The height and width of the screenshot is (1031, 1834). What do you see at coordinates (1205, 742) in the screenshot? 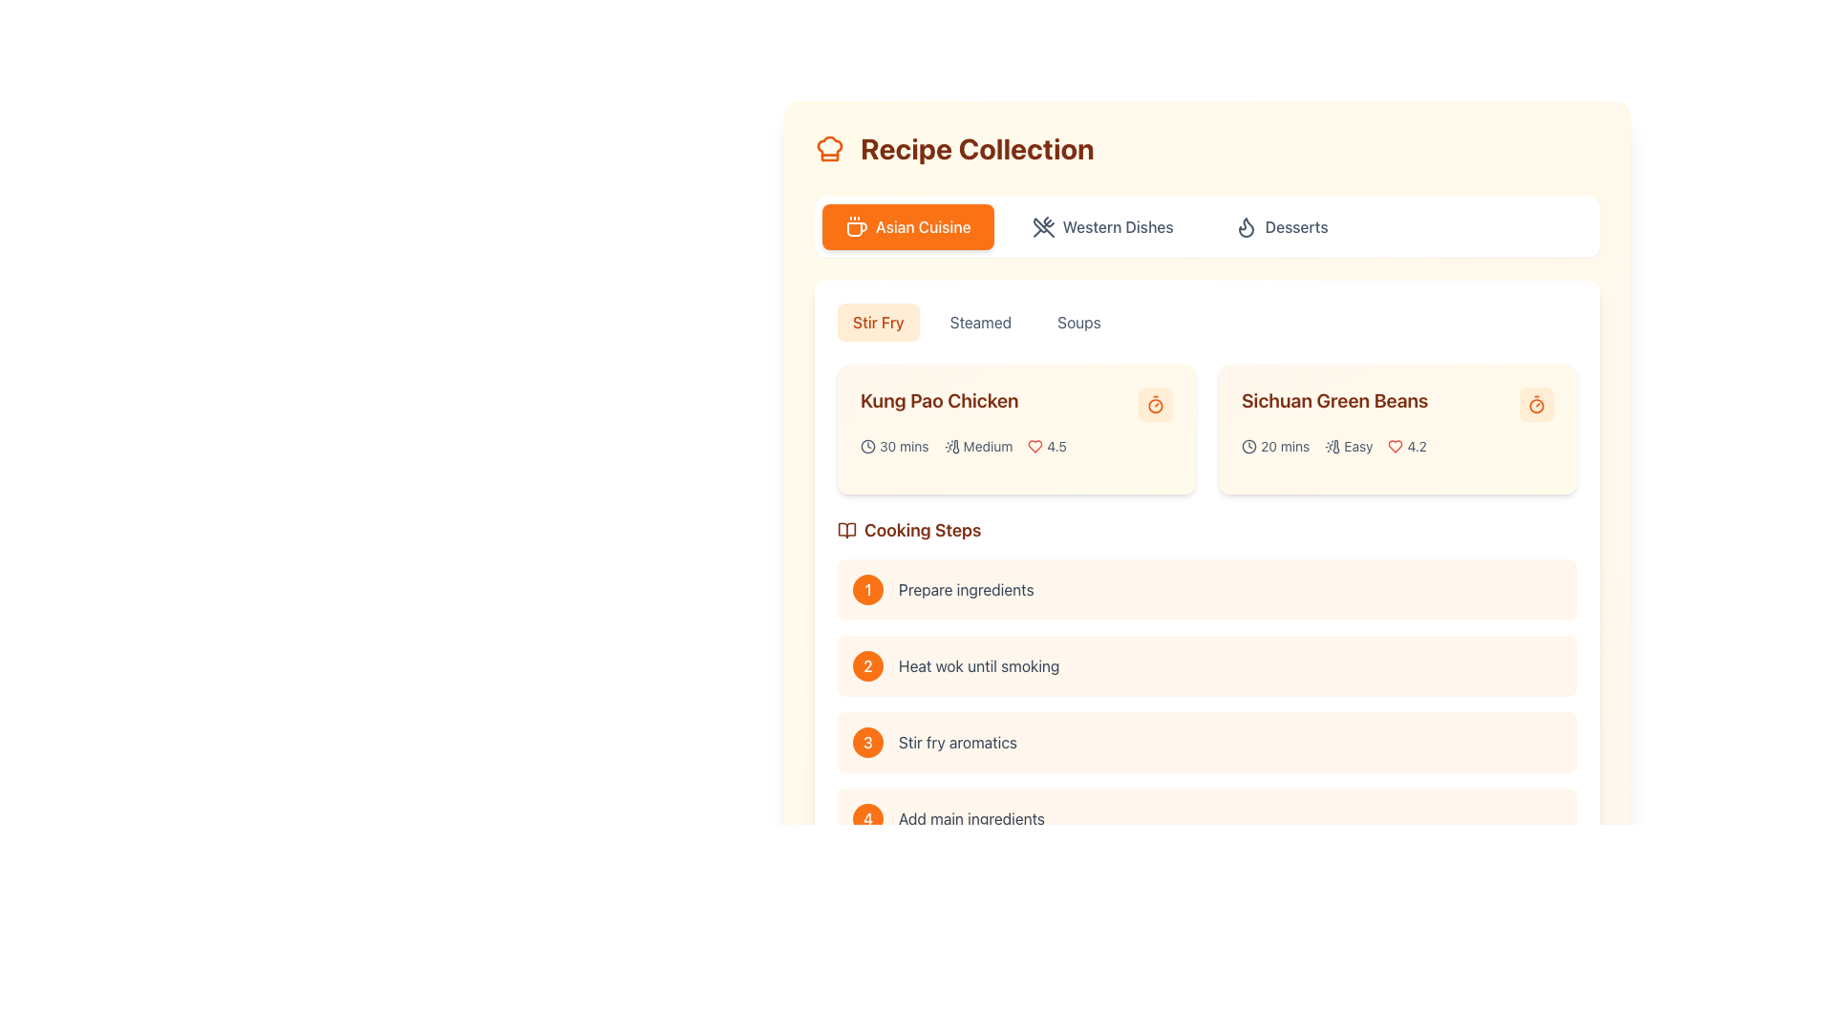
I see `the third item in the 'Cooking Steps' list, which provides the step 'Stir fry aromatics.'` at bounding box center [1205, 742].